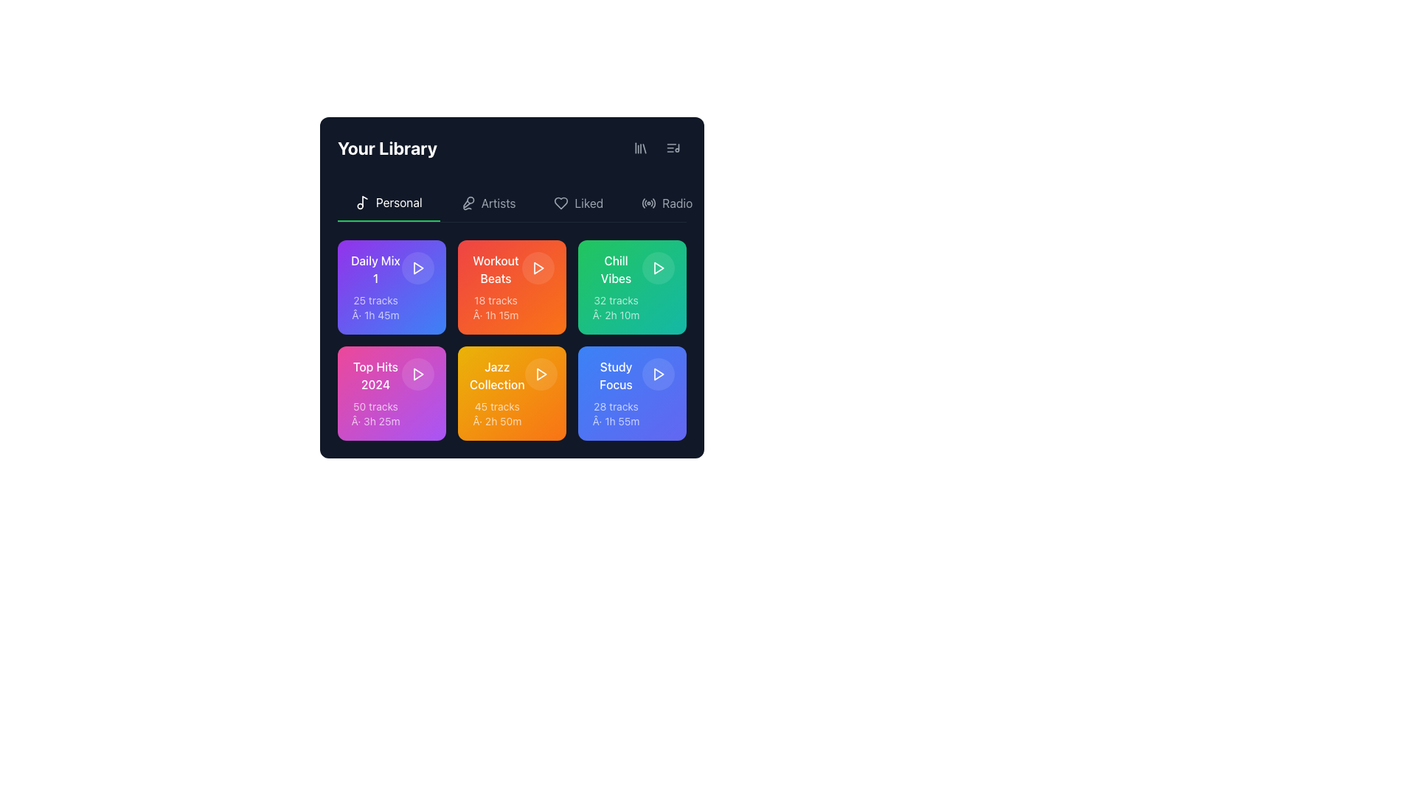 The image size is (1416, 796). What do you see at coordinates (540, 374) in the screenshot?
I see `the play button in the 'Jazz Collection' card` at bounding box center [540, 374].